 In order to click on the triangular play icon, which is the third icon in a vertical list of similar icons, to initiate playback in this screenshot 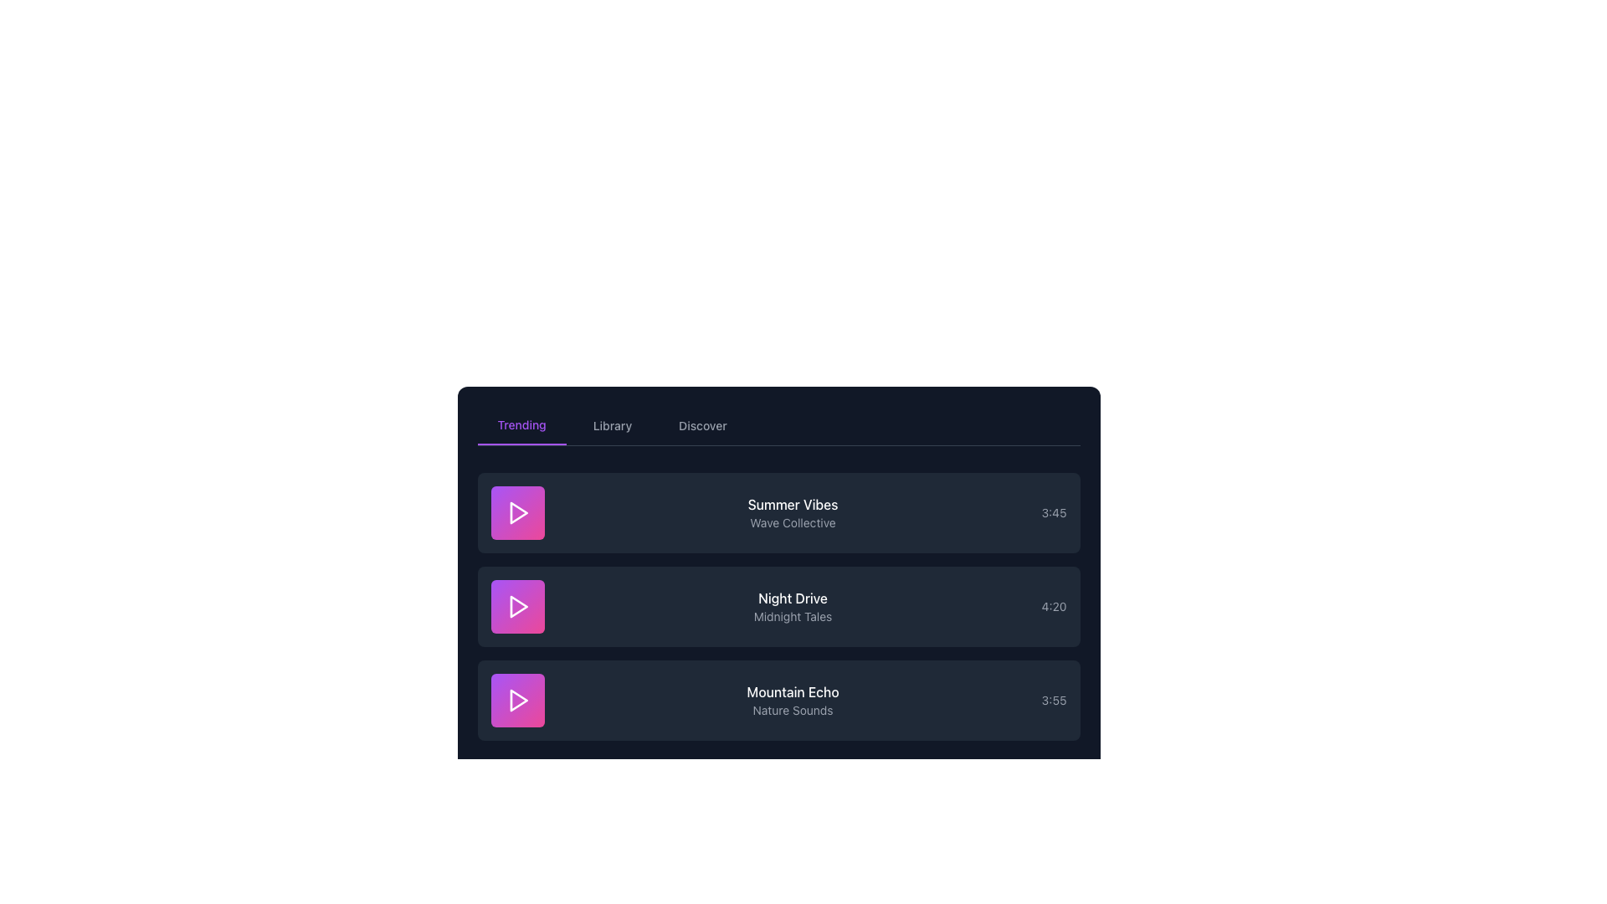, I will do `click(516, 701)`.